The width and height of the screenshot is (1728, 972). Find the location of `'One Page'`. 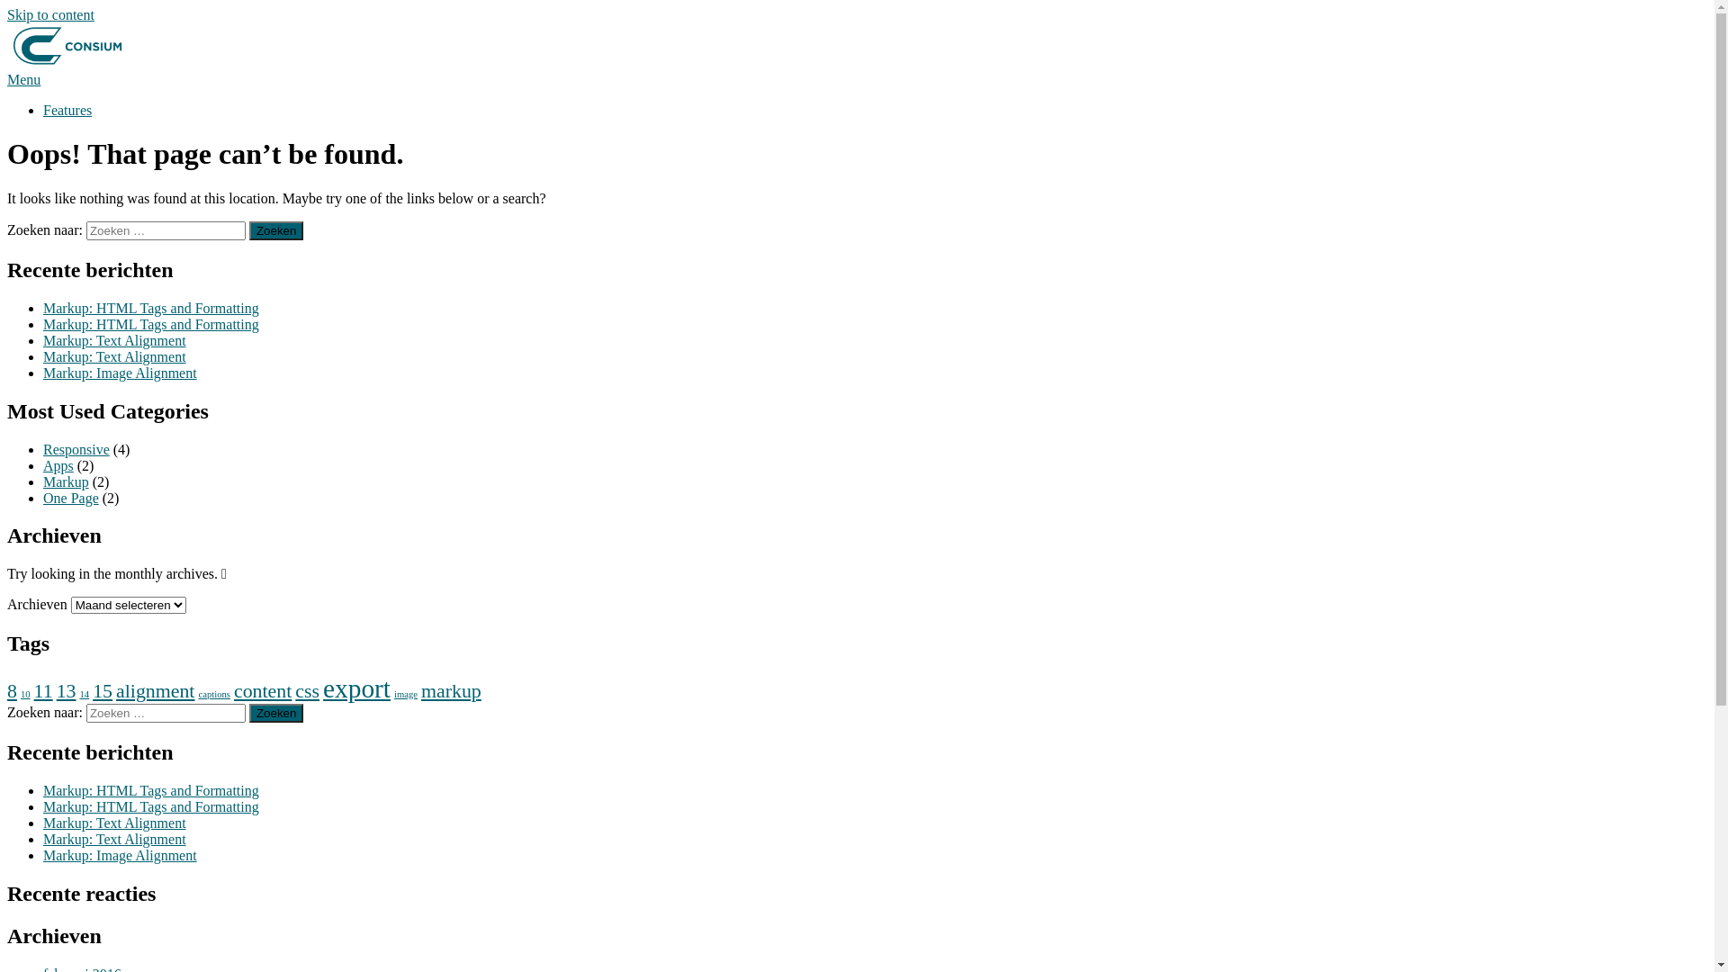

'One Page' is located at coordinates (43, 497).